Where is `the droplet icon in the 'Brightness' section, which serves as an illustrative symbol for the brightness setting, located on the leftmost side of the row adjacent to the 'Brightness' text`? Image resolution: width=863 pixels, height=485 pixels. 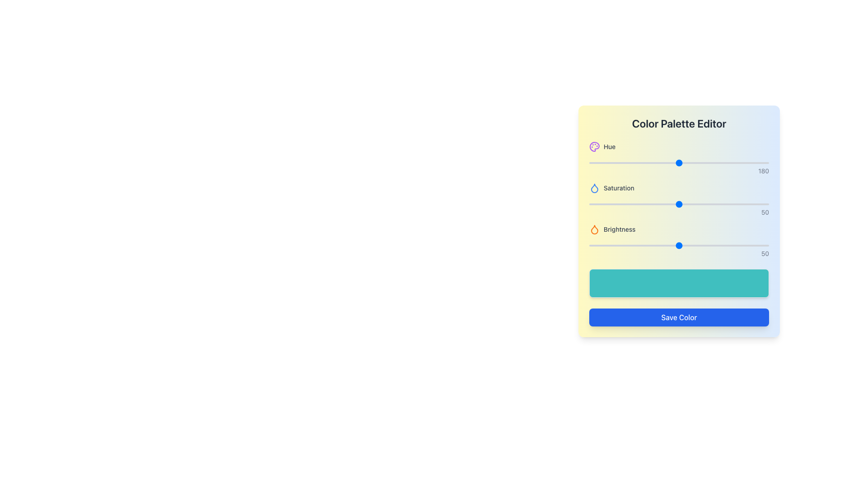 the droplet icon in the 'Brightness' section, which serves as an illustrative symbol for the brightness setting, located on the leftmost side of the row adjacent to the 'Brightness' text is located at coordinates (595, 229).